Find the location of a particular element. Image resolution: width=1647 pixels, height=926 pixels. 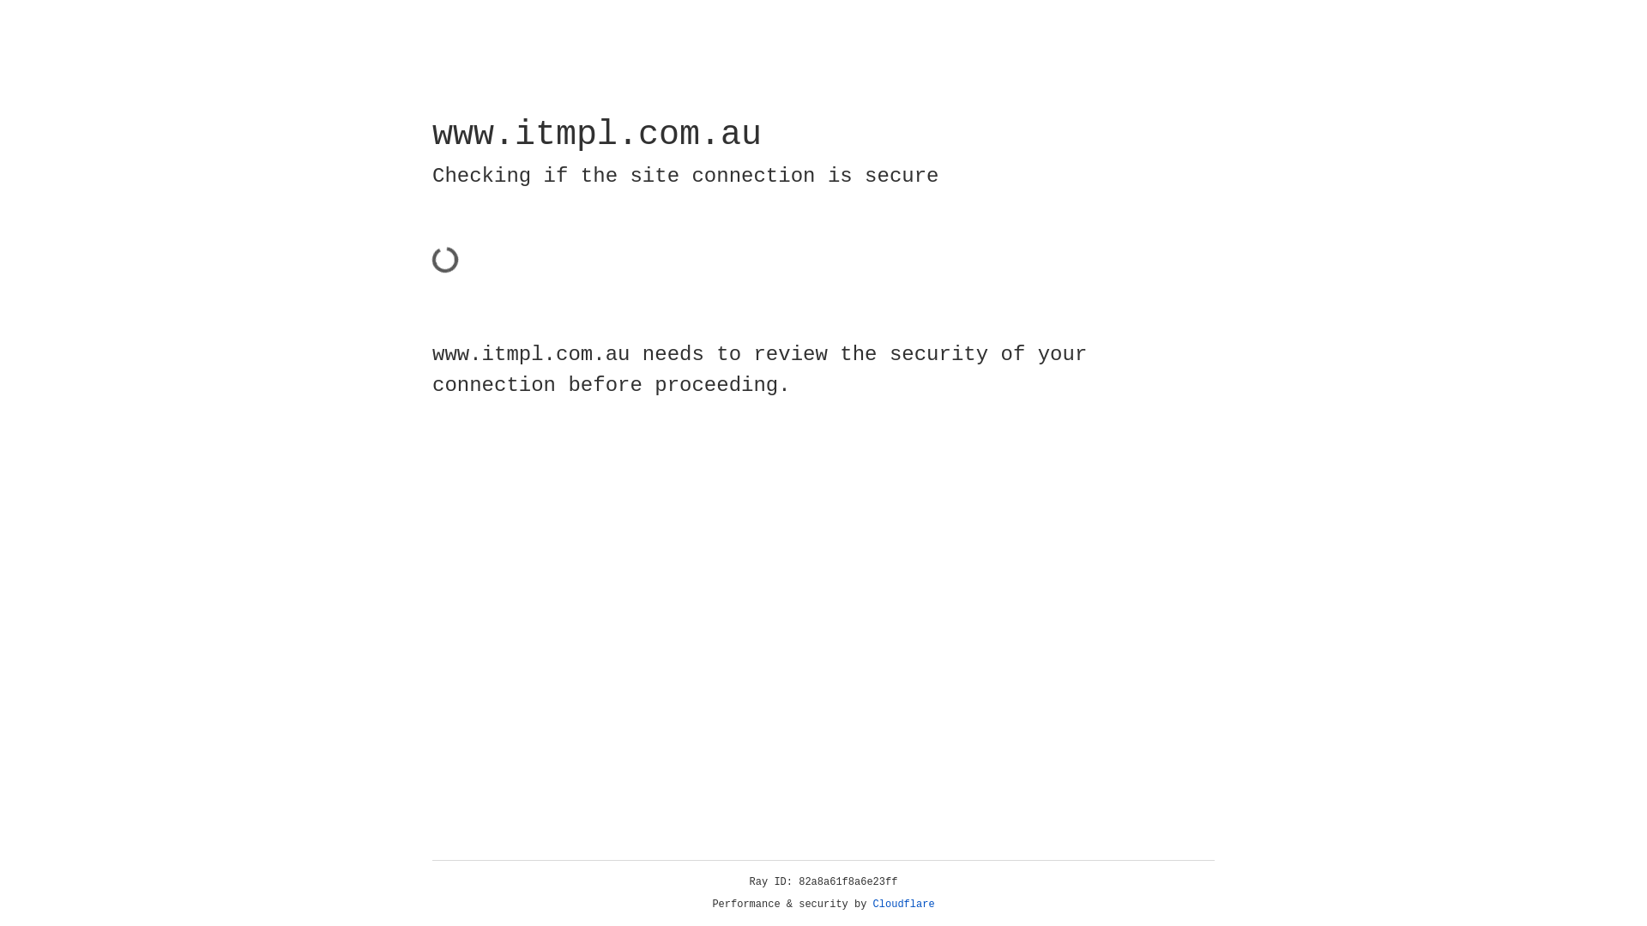

'Cloudflare' is located at coordinates (903, 904).